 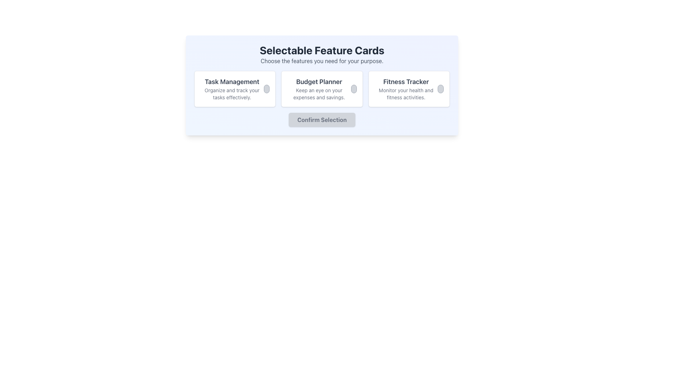 What do you see at coordinates (232, 94) in the screenshot?
I see `the descriptive text label located beneath the 'Task Management' text in the first card on the left of the feature cards` at bounding box center [232, 94].